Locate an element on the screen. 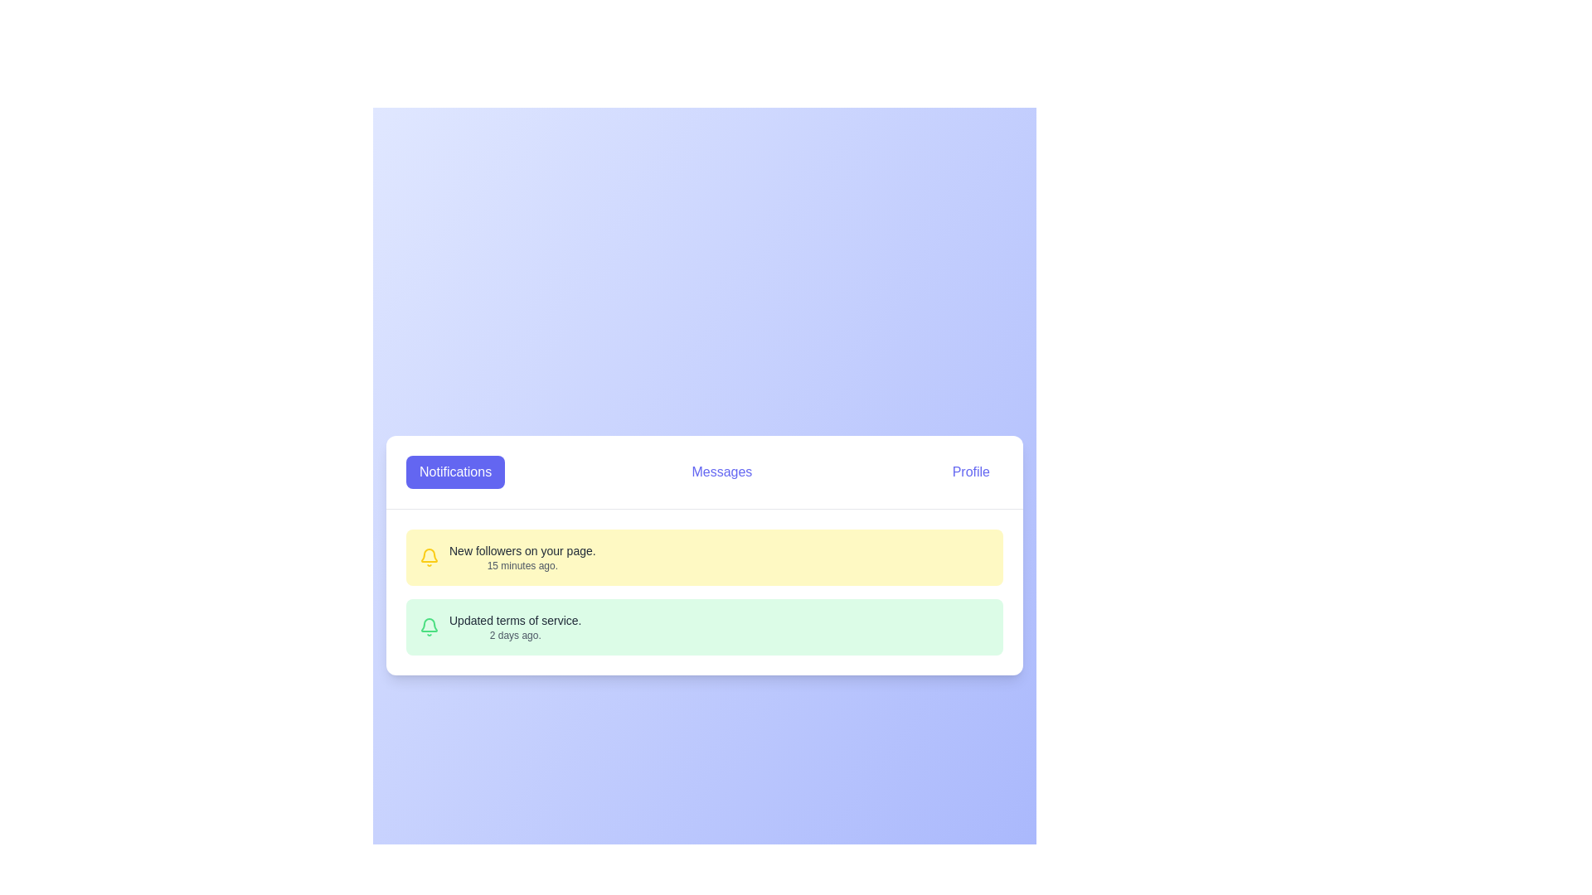  information displayed in the text block titled 'Updated terms of service.' located in the second notification item of the notification list is located at coordinates (514, 626).